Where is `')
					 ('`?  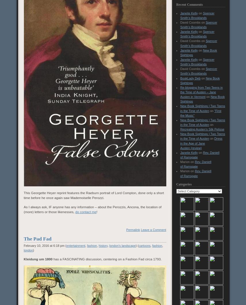 ')
					 (' is located at coordinates (136, 245).